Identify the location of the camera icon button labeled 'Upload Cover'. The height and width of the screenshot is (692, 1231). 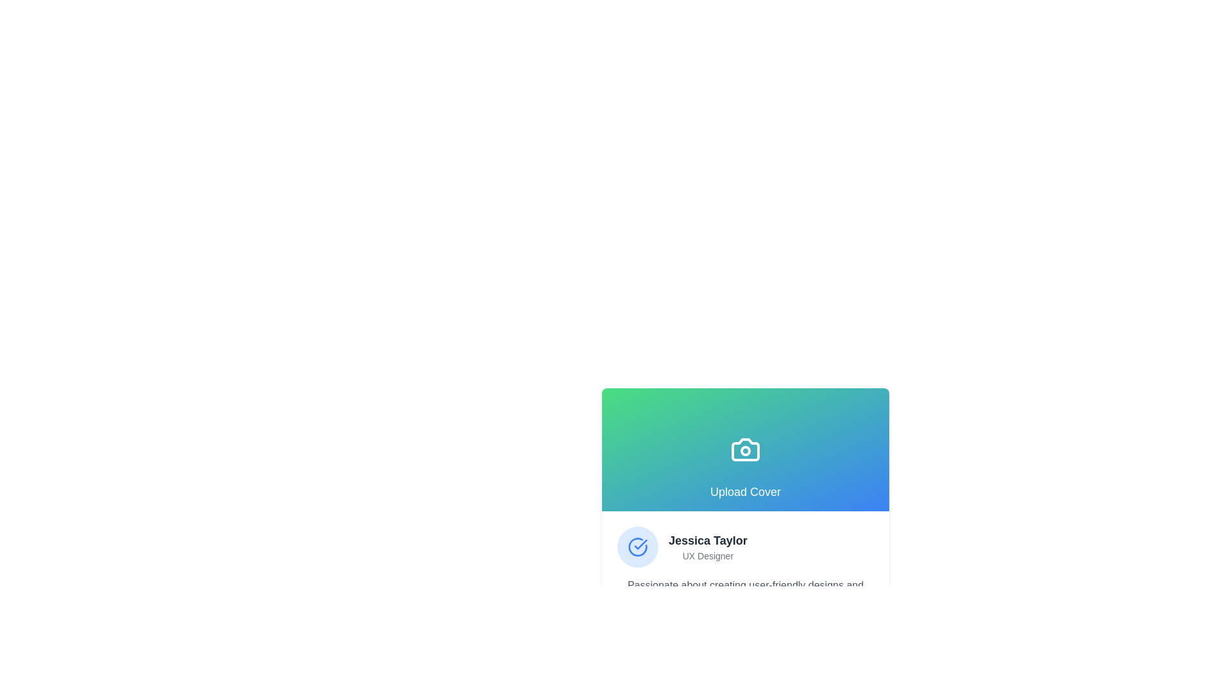
(745, 449).